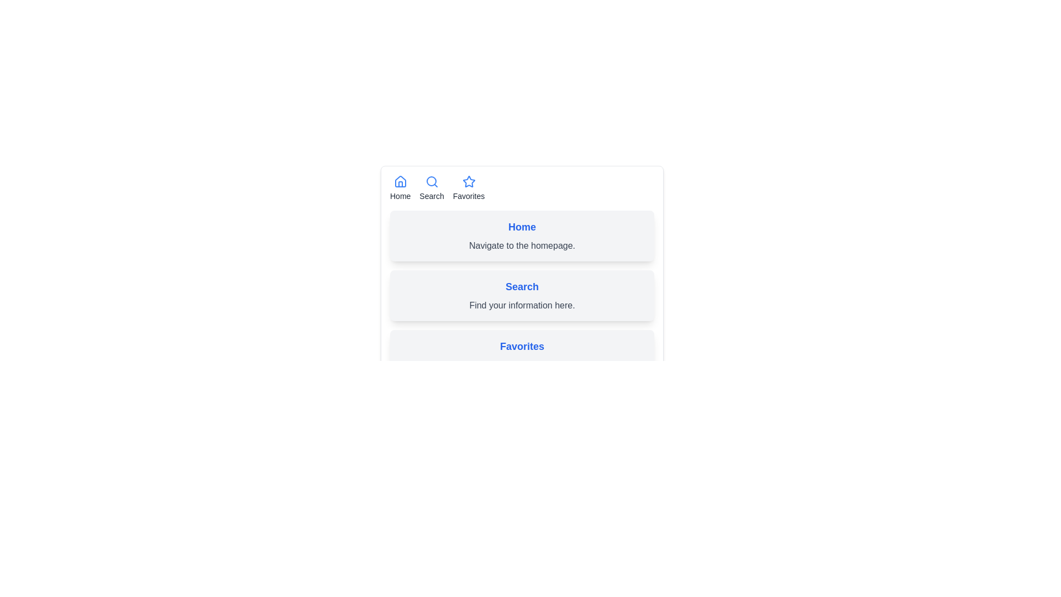 This screenshot has height=597, width=1061. I want to click on the blue star-shaped icon located in the top navigation area, which is the third item in the navigation menu, positioned between the 'Search' icon and the 'Favorites' label, so click(469, 181).